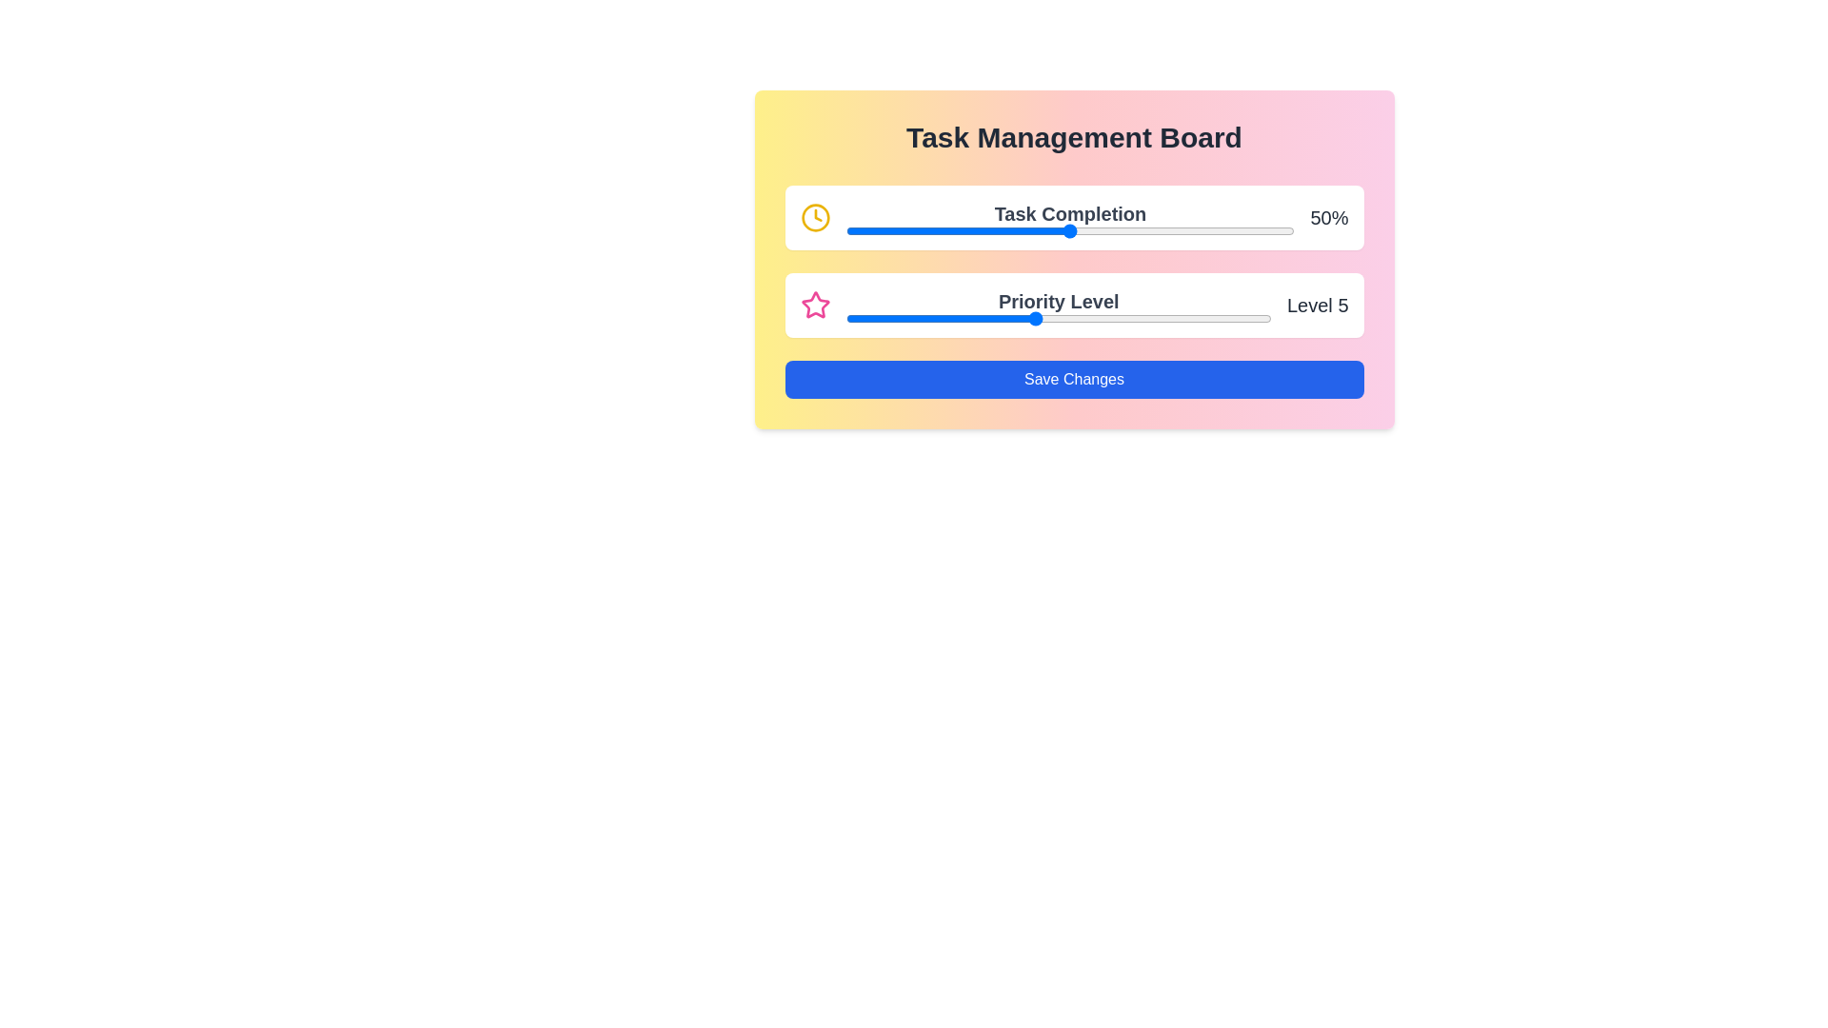 Image resolution: width=1828 pixels, height=1028 pixels. I want to click on task completion, so click(889, 227).